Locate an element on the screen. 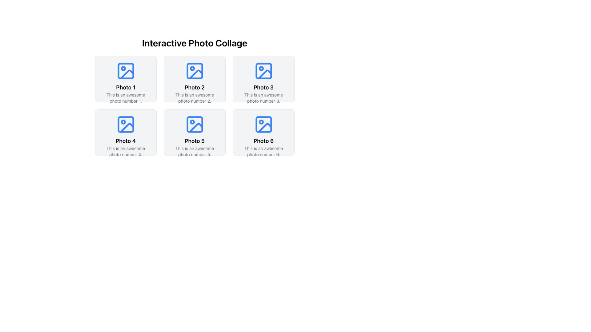 The image size is (591, 332). the small blue rectangular shape with rounded corners located in the upper-left corner of the photo icon in the 'Photo 5' card is located at coordinates (194, 124).